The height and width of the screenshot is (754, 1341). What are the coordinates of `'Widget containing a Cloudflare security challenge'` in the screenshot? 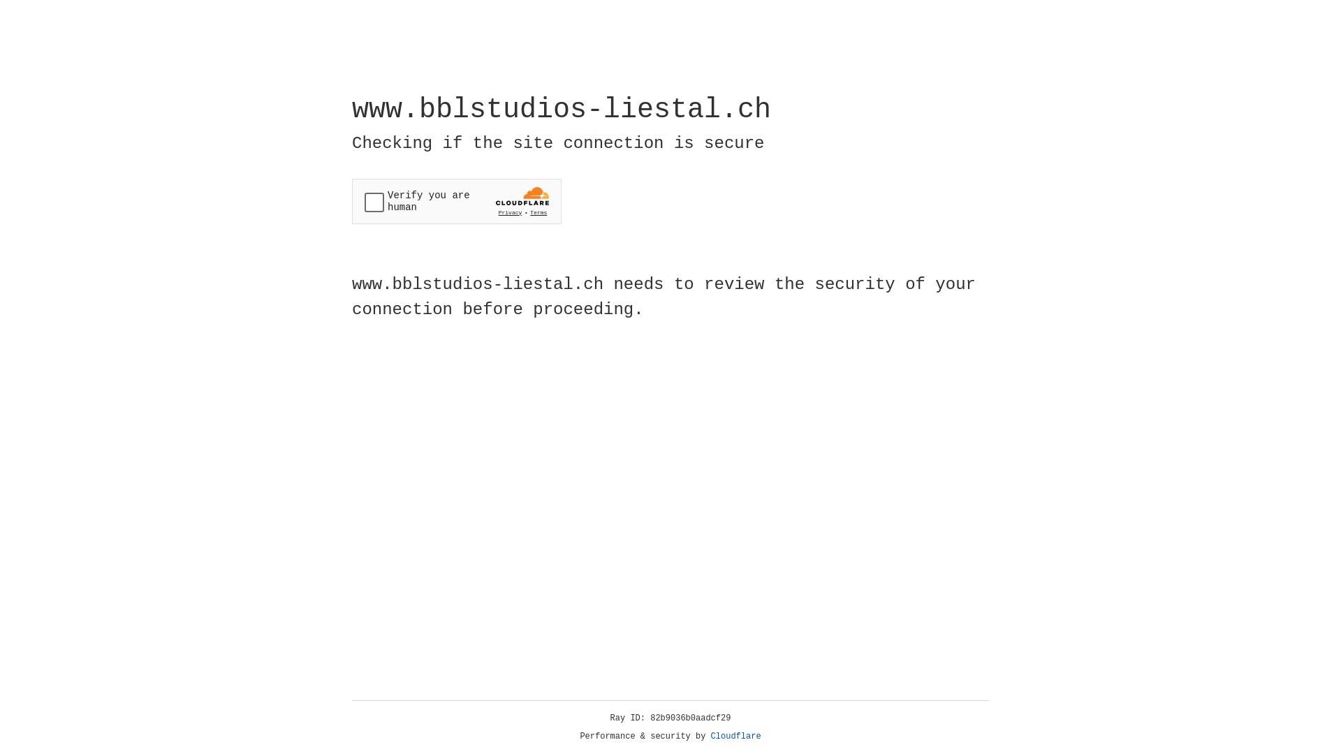 It's located at (456, 201).